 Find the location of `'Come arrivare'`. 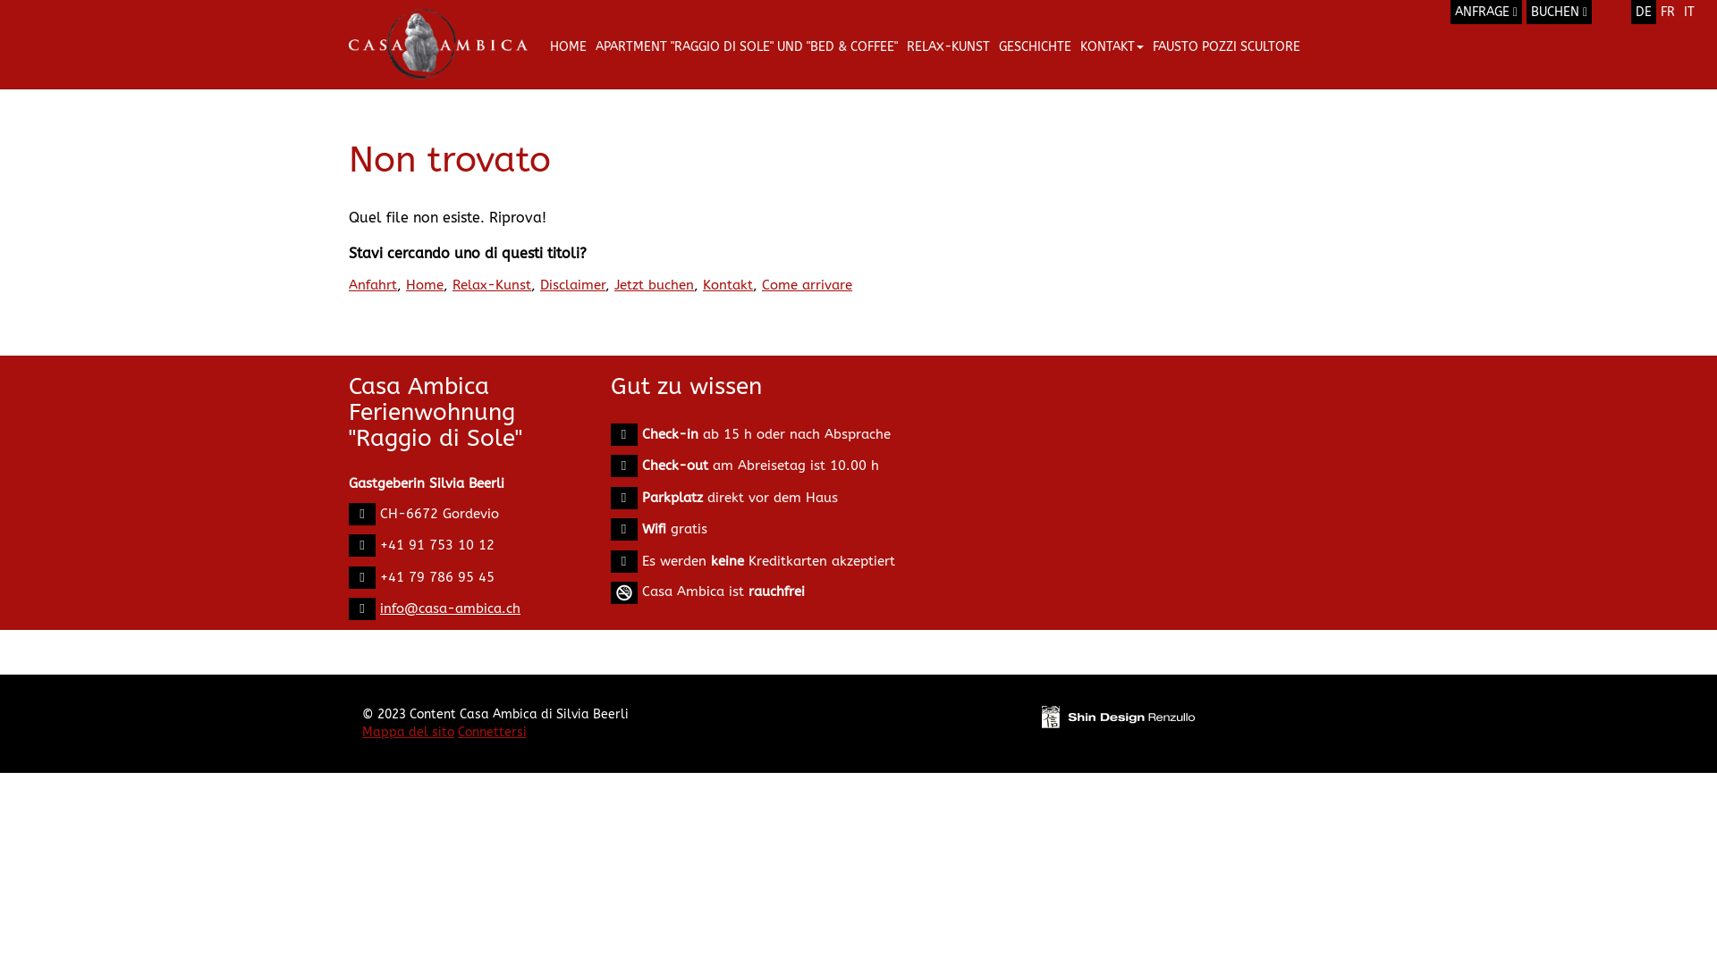

'Come arrivare' is located at coordinates (806, 284).